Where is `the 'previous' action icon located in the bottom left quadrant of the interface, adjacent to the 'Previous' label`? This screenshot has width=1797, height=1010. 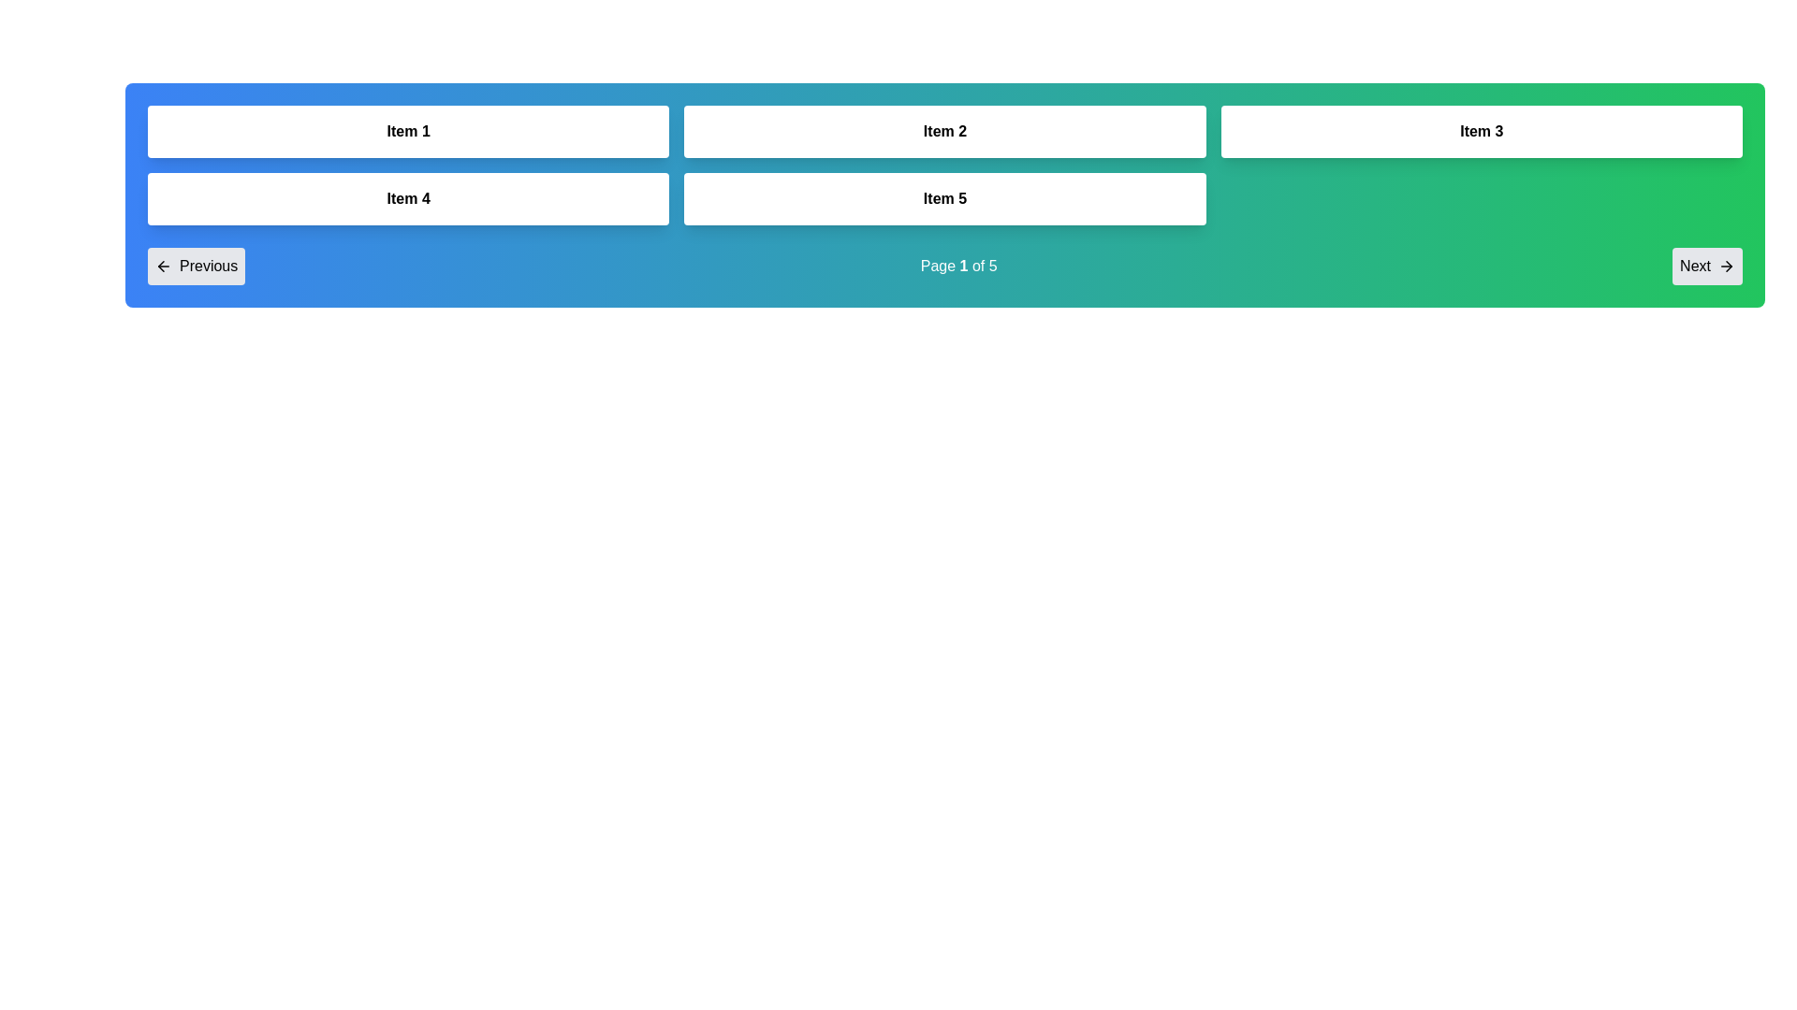
the 'previous' action icon located in the bottom left quadrant of the interface, adjacent to the 'Previous' label is located at coordinates (161, 267).